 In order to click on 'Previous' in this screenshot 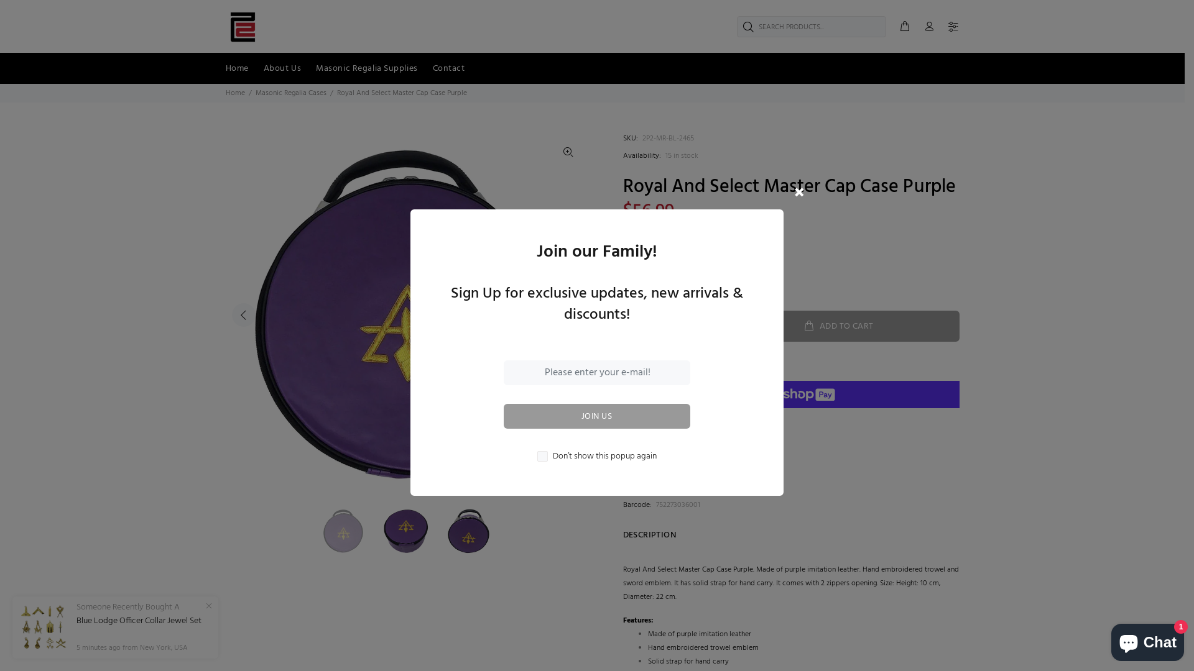, I will do `click(243, 314)`.